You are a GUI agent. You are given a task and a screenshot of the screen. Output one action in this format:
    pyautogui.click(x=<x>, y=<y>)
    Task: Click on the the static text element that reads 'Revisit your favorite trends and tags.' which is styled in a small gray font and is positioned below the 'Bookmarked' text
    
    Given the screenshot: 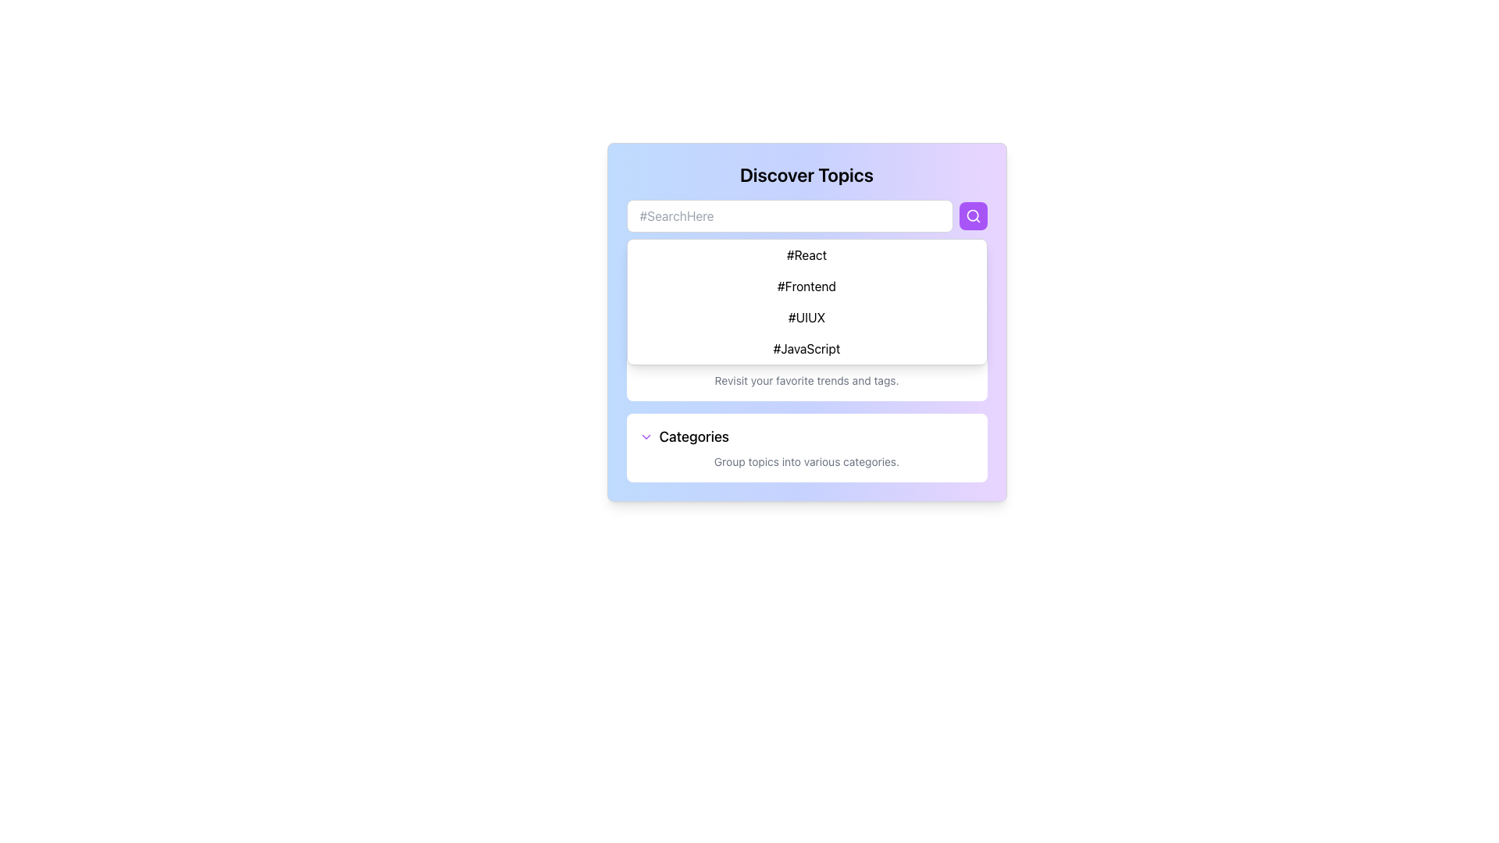 What is the action you would take?
    pyautogui.click(x=806, y=381)
    